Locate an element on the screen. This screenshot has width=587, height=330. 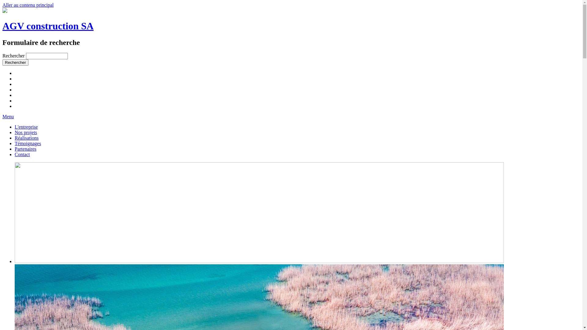
'Aller au contenu principal' is located at coordinates (28, 5).